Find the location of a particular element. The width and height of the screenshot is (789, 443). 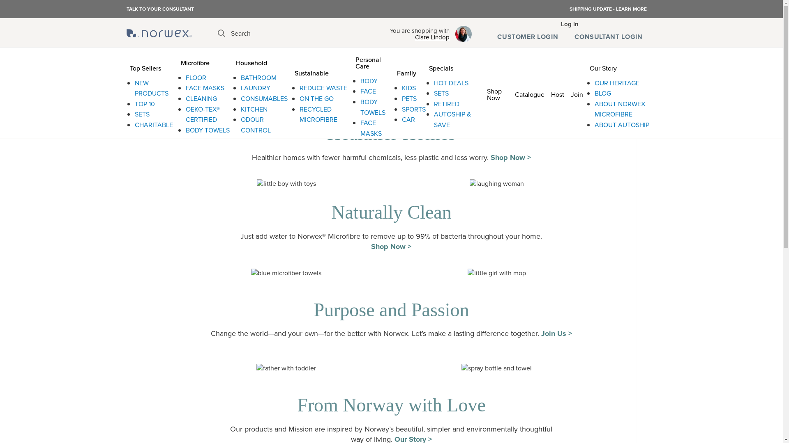

'CUSTOMER LOGIN' is located at coordinates (527, 36).